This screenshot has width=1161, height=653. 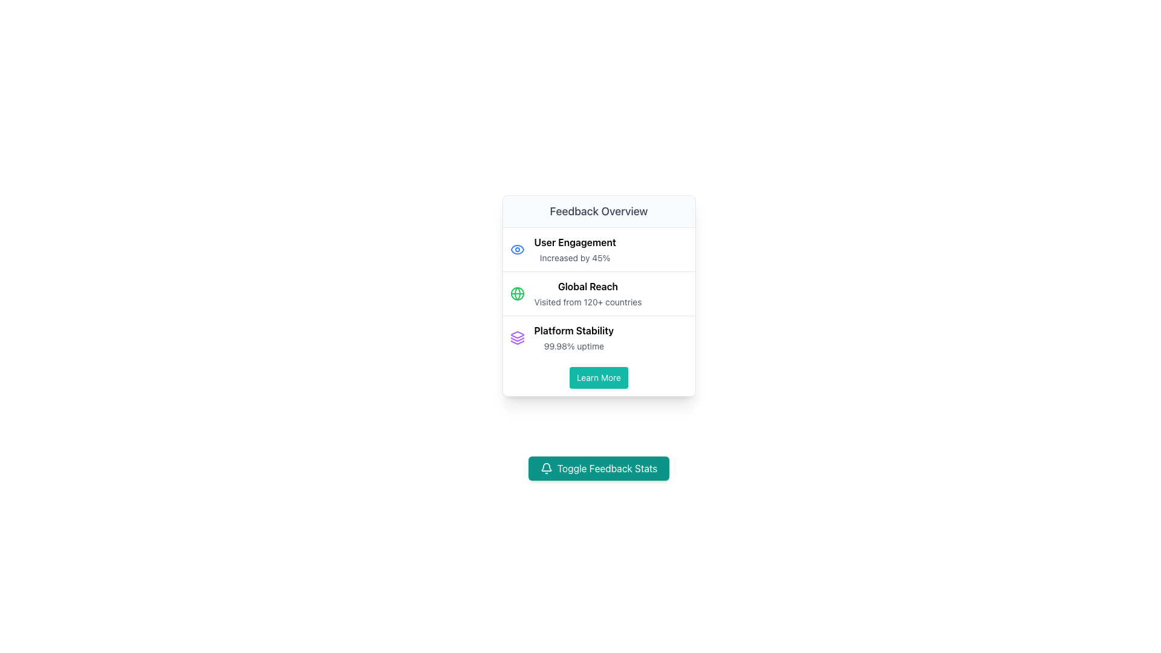 I want to click on the Header or Title element located at the top of the pop-up card, which provides an overview for the content below, so click(x=599, y=211).